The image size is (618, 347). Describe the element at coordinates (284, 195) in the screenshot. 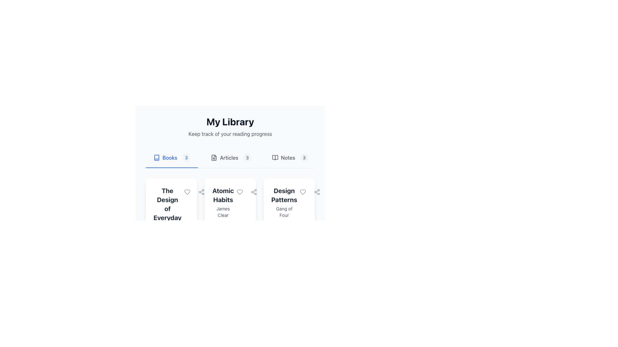

I see `title text of the 'Design Patterns' book card, which is positioned at the center-top of the card, above the subtitle 'Gang of Four'` at that location.